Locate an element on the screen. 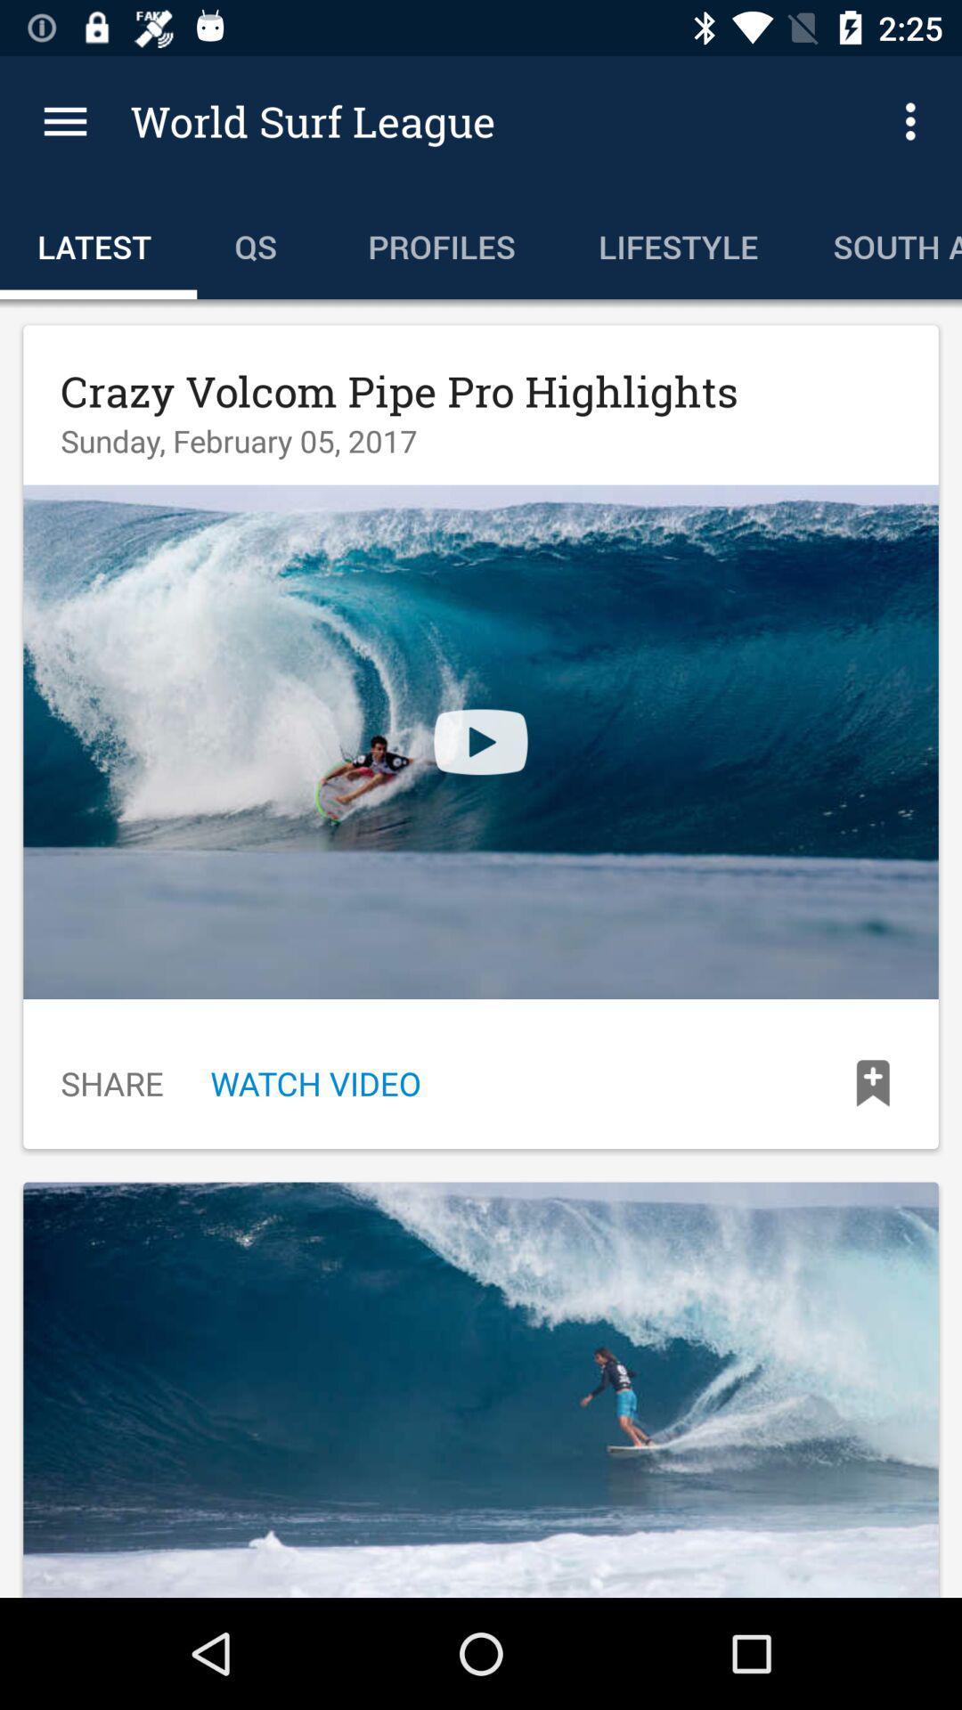 The height and width of the screenshot is (1710, 962). icon above sunday february 05 icon is located at coordinates (398, 390).